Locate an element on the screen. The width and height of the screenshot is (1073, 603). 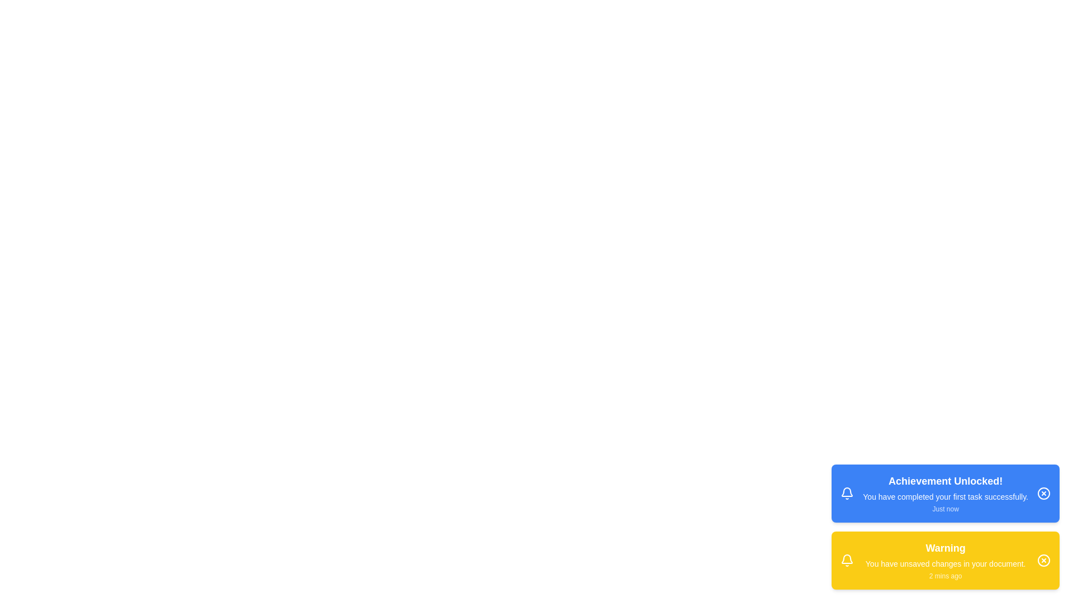
'X' button on the snackbar with title 'Achievement Unlocked!' is located at coordinates (1043, 492).